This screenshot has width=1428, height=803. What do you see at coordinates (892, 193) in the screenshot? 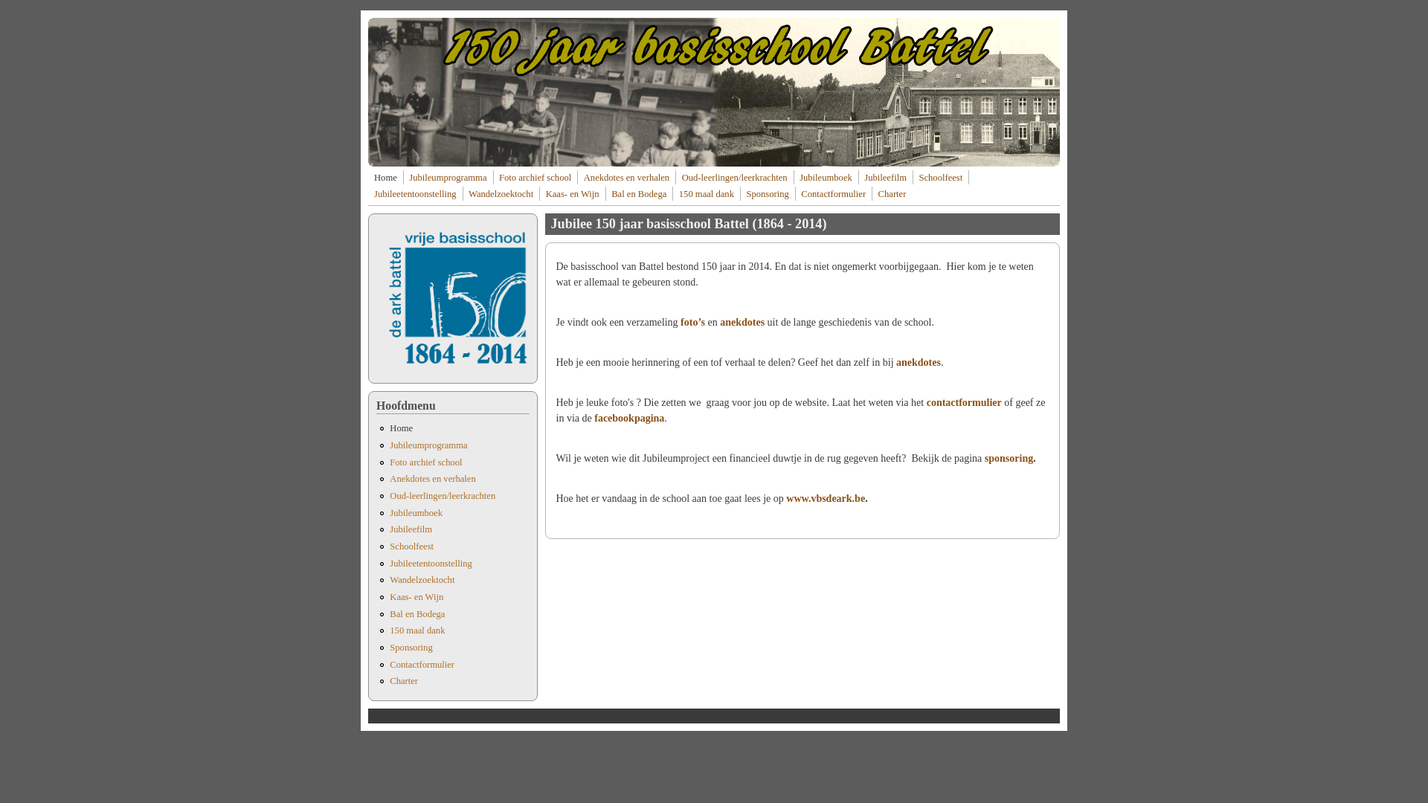
I see `'Charter'` at bounding box center [892, 193].